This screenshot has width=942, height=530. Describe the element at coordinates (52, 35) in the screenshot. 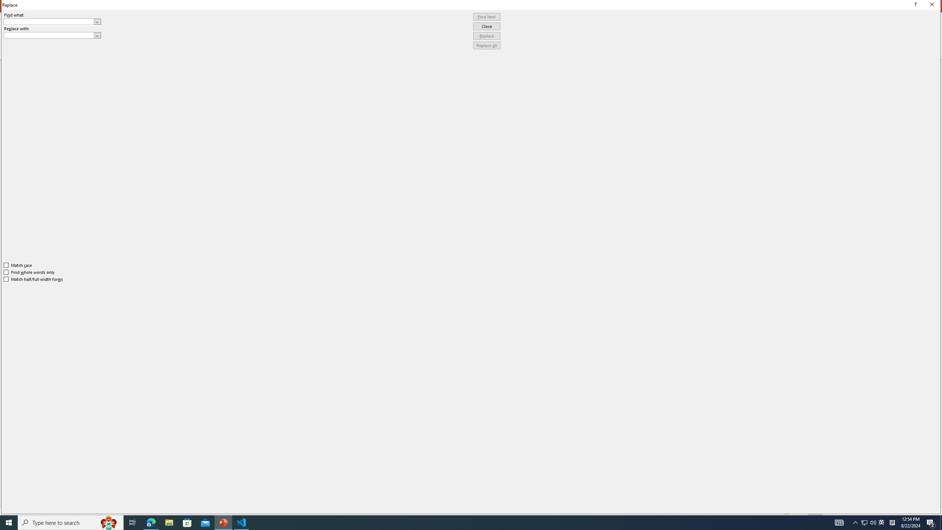

I see `'Replace with'` at that location.